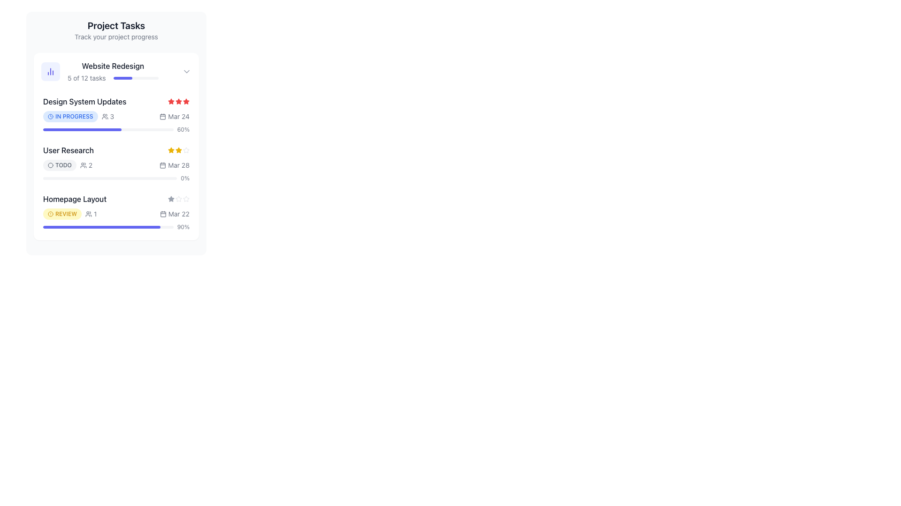  I want to click on the label displaying 'Mar 24' with a calendar icon, located at the right end of the task row labeled 'Design System Updates', so click(175, 116).